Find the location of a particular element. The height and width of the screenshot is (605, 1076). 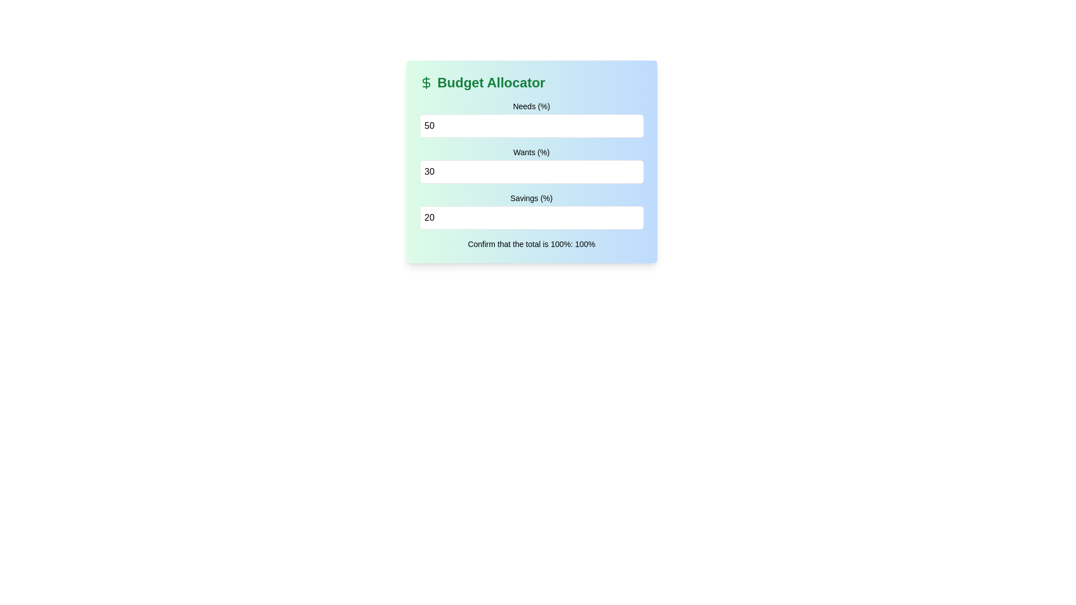

the monetary value icon located in the header section to the left of the 'Budget Allocator' text is located at coordinates (425, 82).